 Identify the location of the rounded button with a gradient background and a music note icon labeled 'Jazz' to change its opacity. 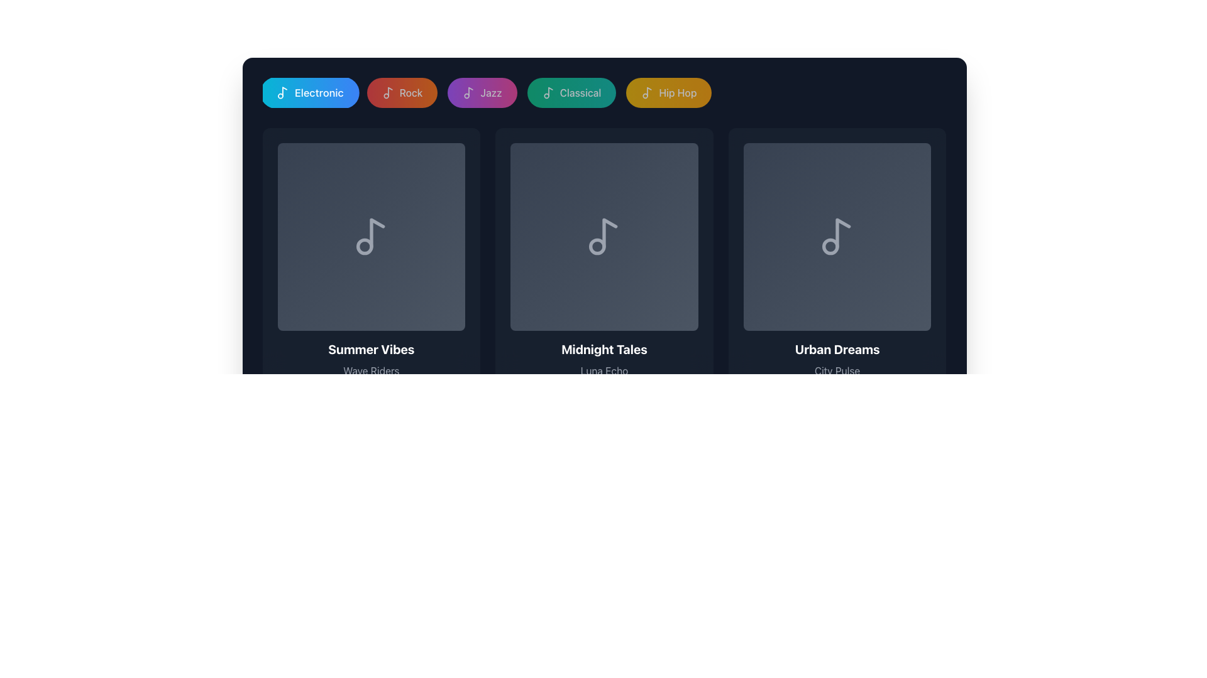
(482, 92).